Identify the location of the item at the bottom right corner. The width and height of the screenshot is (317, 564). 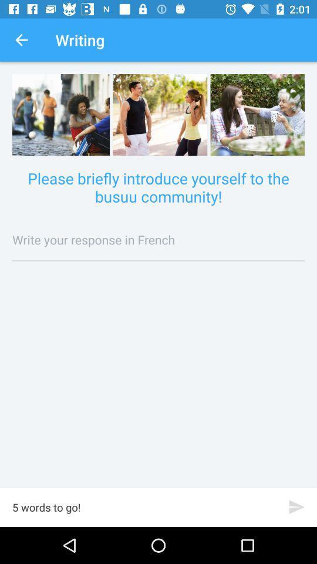
(296, 506).